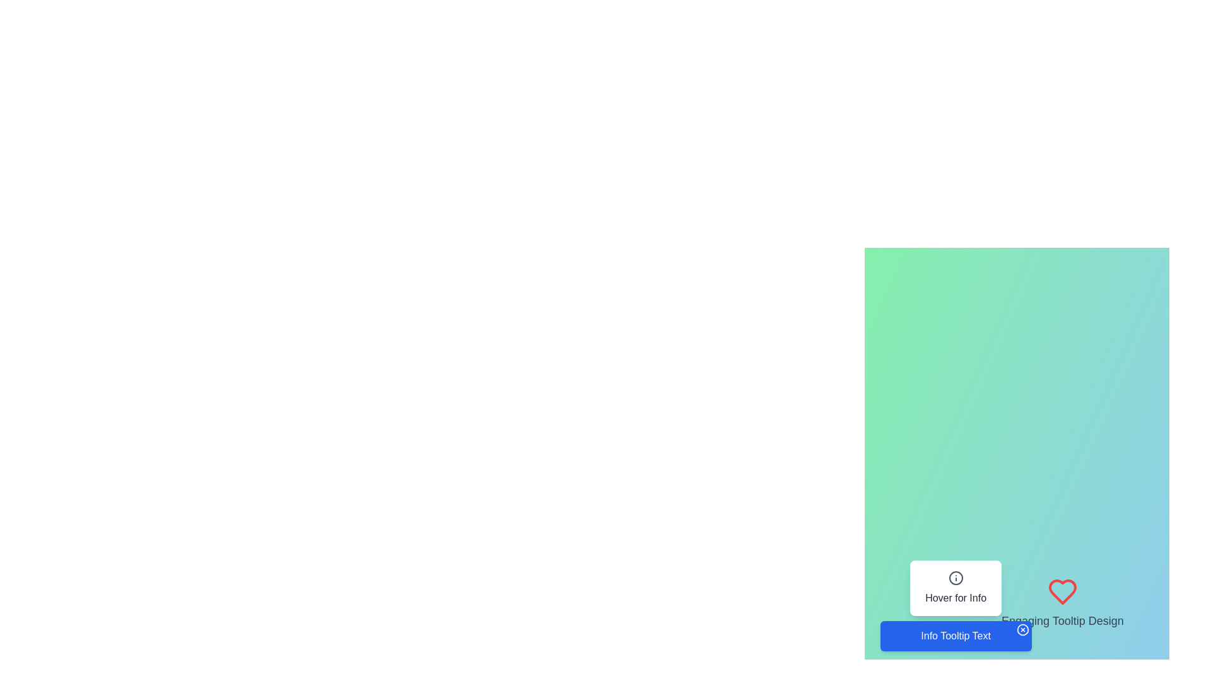 This screenshot has width=1211, height=681. Describe the element at coordinates (956, 578) in the screenshot. I see `the circular icon with an inner glyph resembling information, which is styled gray and changes to blue on hover, located at the top of the white card labeled 'Hover for Info'` at that location.